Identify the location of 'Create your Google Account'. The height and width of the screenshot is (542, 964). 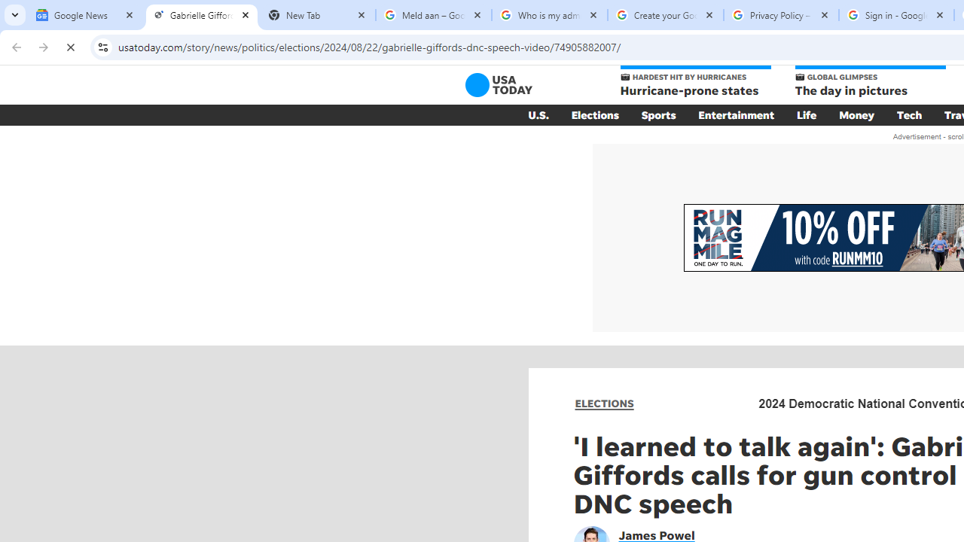
(664, 15).